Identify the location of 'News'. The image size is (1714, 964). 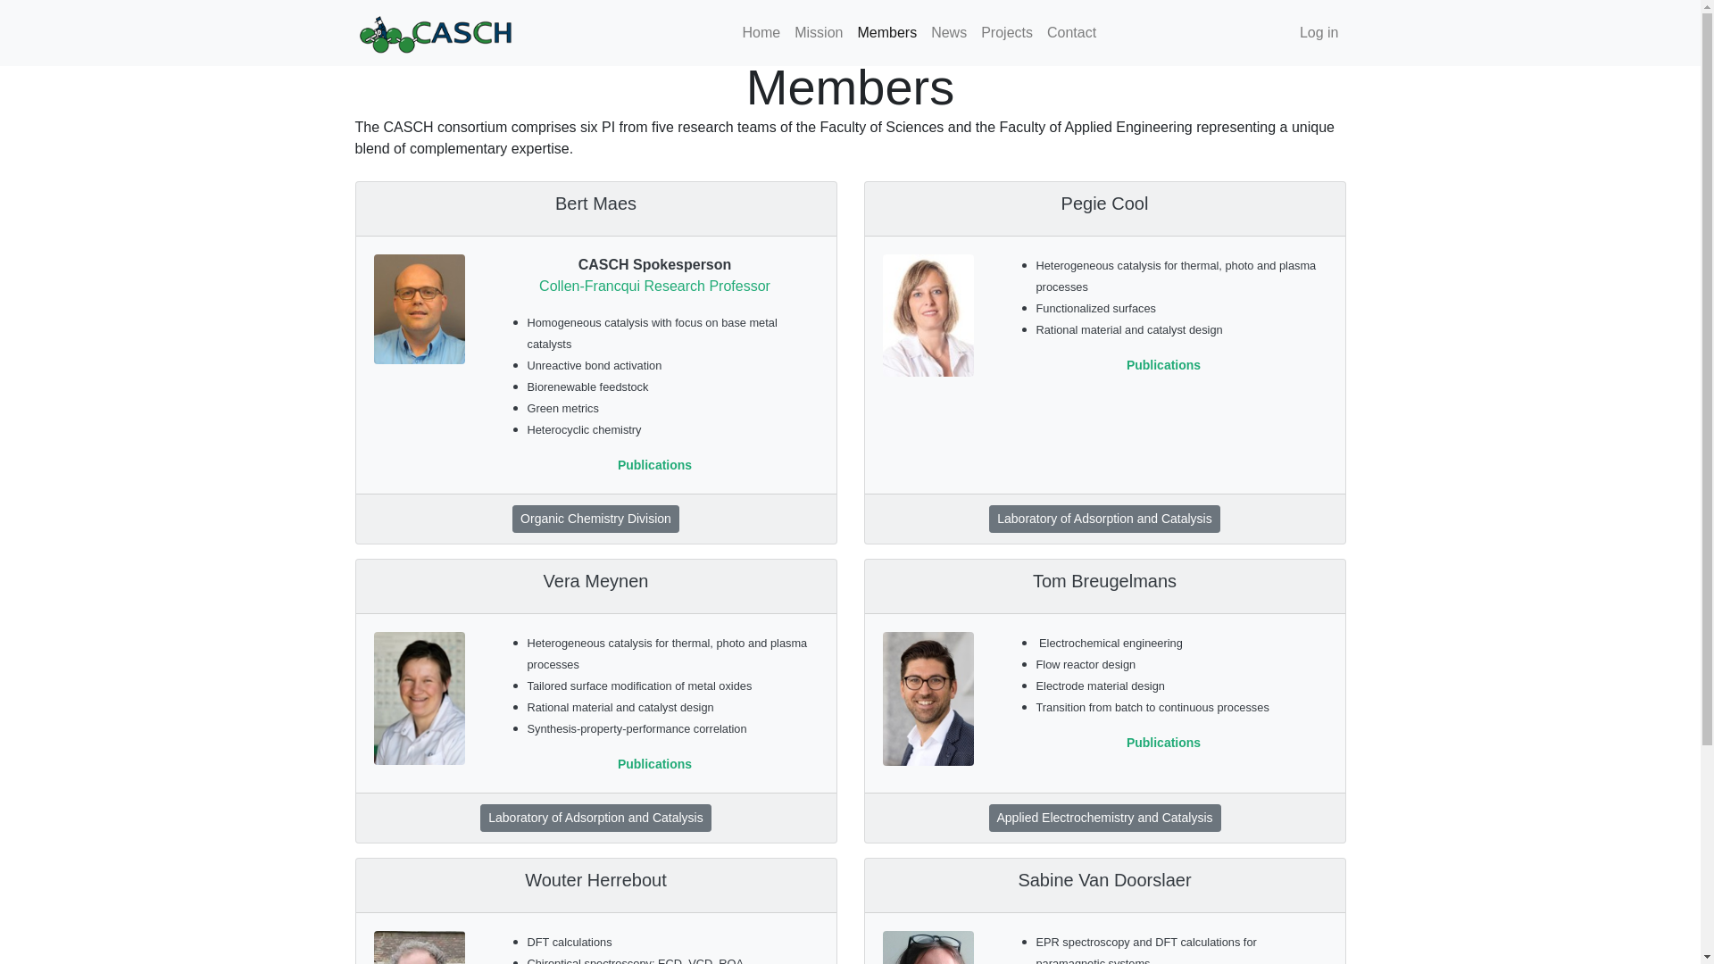
(947, 33).